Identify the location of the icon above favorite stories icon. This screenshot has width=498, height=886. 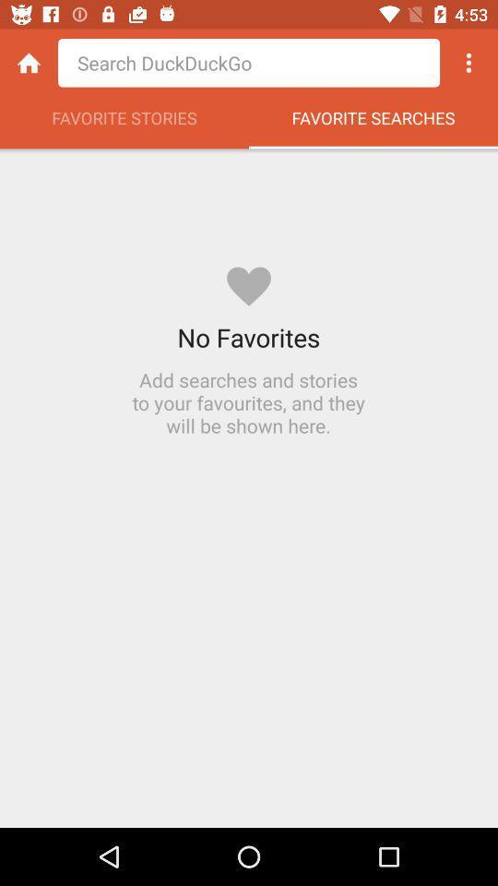
(28, 63).